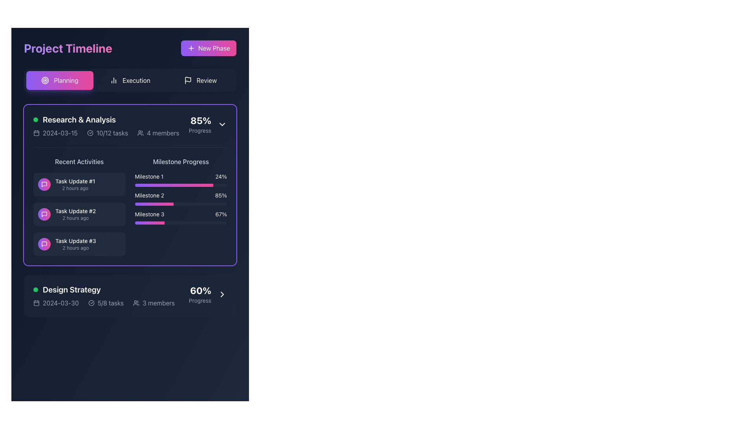 The image size is (754, 424). I want to click on the Chevron Icon located to the right of the '85% Progress' text in the 'Research & Analysis' section, so click(222, 124).